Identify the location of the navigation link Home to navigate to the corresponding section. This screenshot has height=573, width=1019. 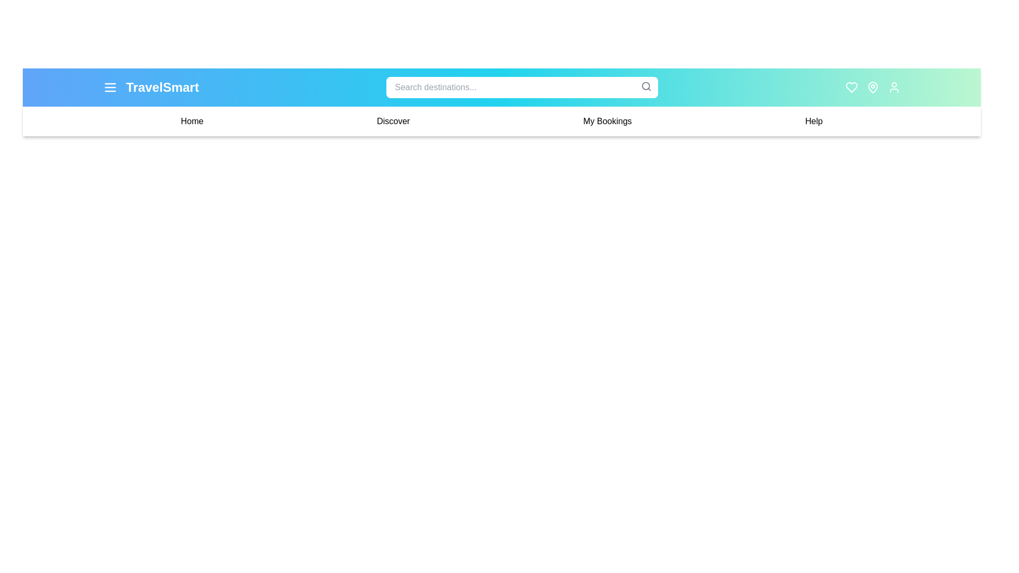
(192, 120).